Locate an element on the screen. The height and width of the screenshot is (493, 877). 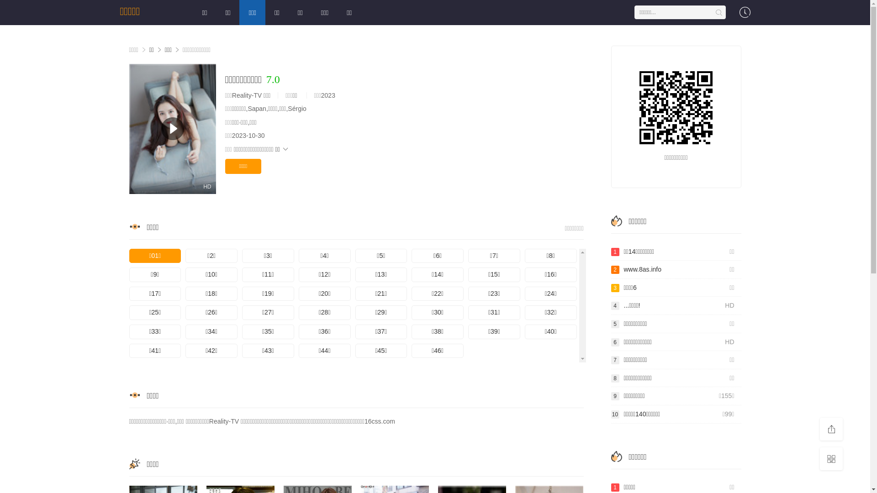
'HD' is located at coordinates (172, 129).